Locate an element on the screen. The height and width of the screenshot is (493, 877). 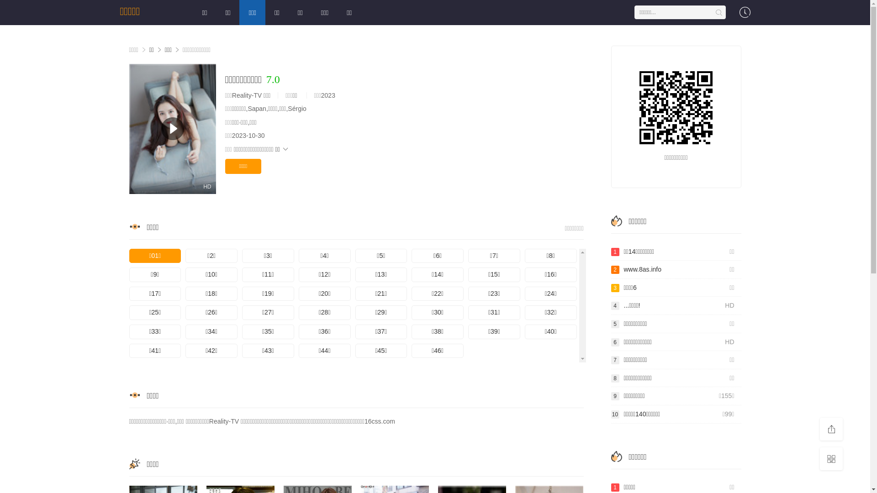
'HD' is located at coordinates (172, 129).